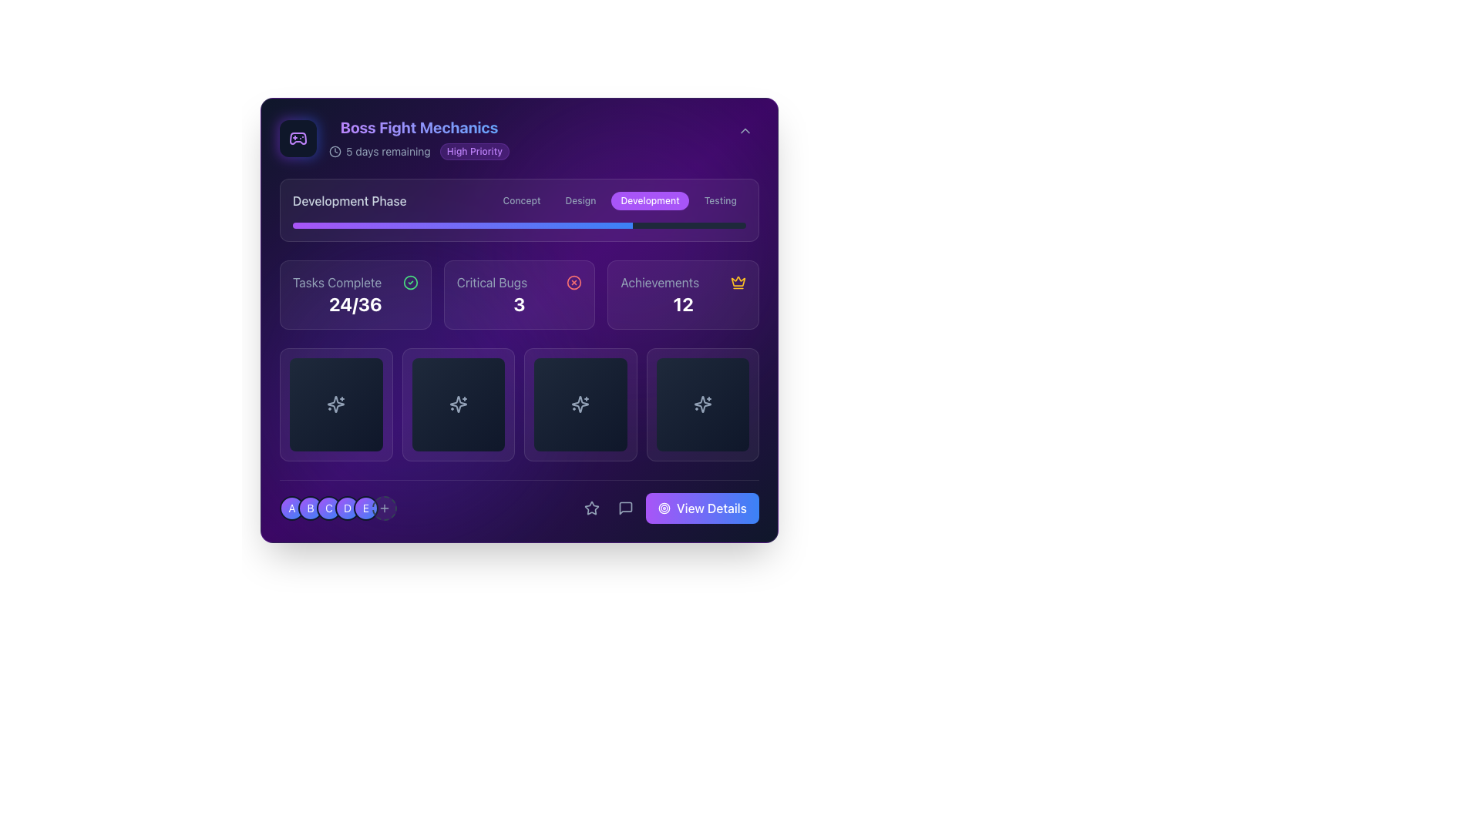 Image resolution: width=1480 pixels, height=832 pixels. What do you see at coordinates (328, 508) in the screenshot?
I see `the button labeled 'C', which is the third button in a sequence of buttons labeled 'A', 'B', 'C', 'D', 'E', positioned near the bottom of the interface` at bounding box center [328, 508].